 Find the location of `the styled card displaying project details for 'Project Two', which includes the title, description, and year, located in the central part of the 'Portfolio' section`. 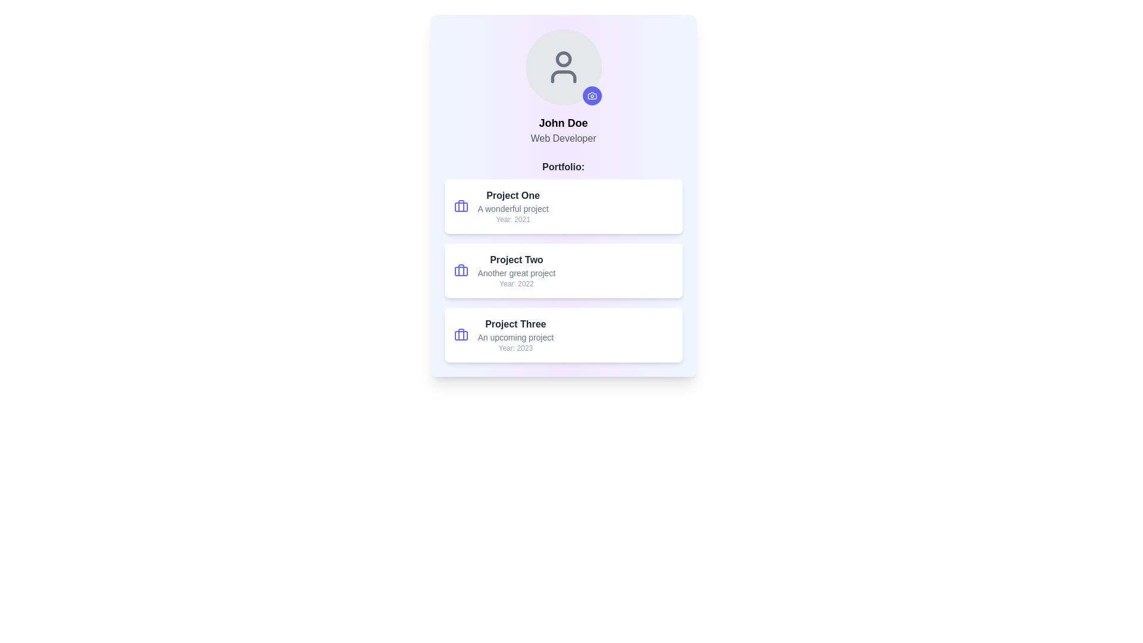

the styled card displaying project details for 'Project Two', which includes the title, description, and year, located in the central part of the 'Portfolio' section is located at coordinates (563, 261).